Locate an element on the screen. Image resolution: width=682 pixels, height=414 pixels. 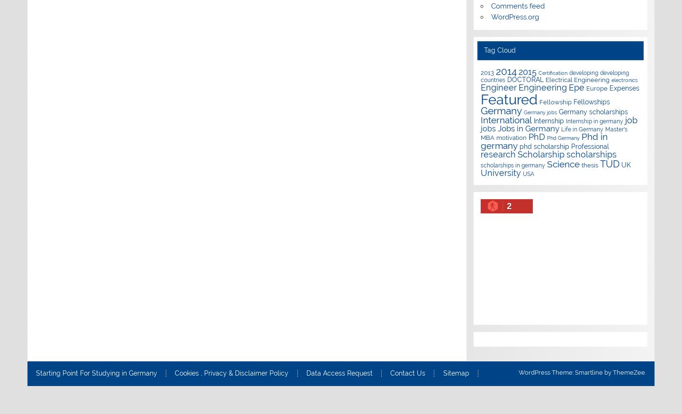
'Tag Cloud' is located at coordinates (483, 50).